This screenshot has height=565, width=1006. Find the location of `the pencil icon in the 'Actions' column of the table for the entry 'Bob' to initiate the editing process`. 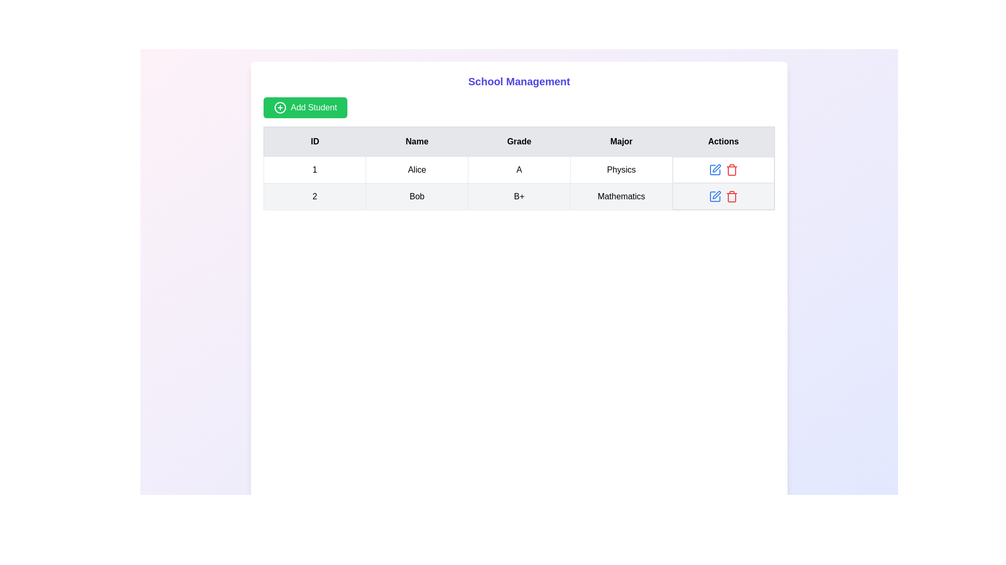

the pencil icon in the 'Actions' column of the table for the entry 'Bob' to initiate the editing process is located at coordinates (716, 167).